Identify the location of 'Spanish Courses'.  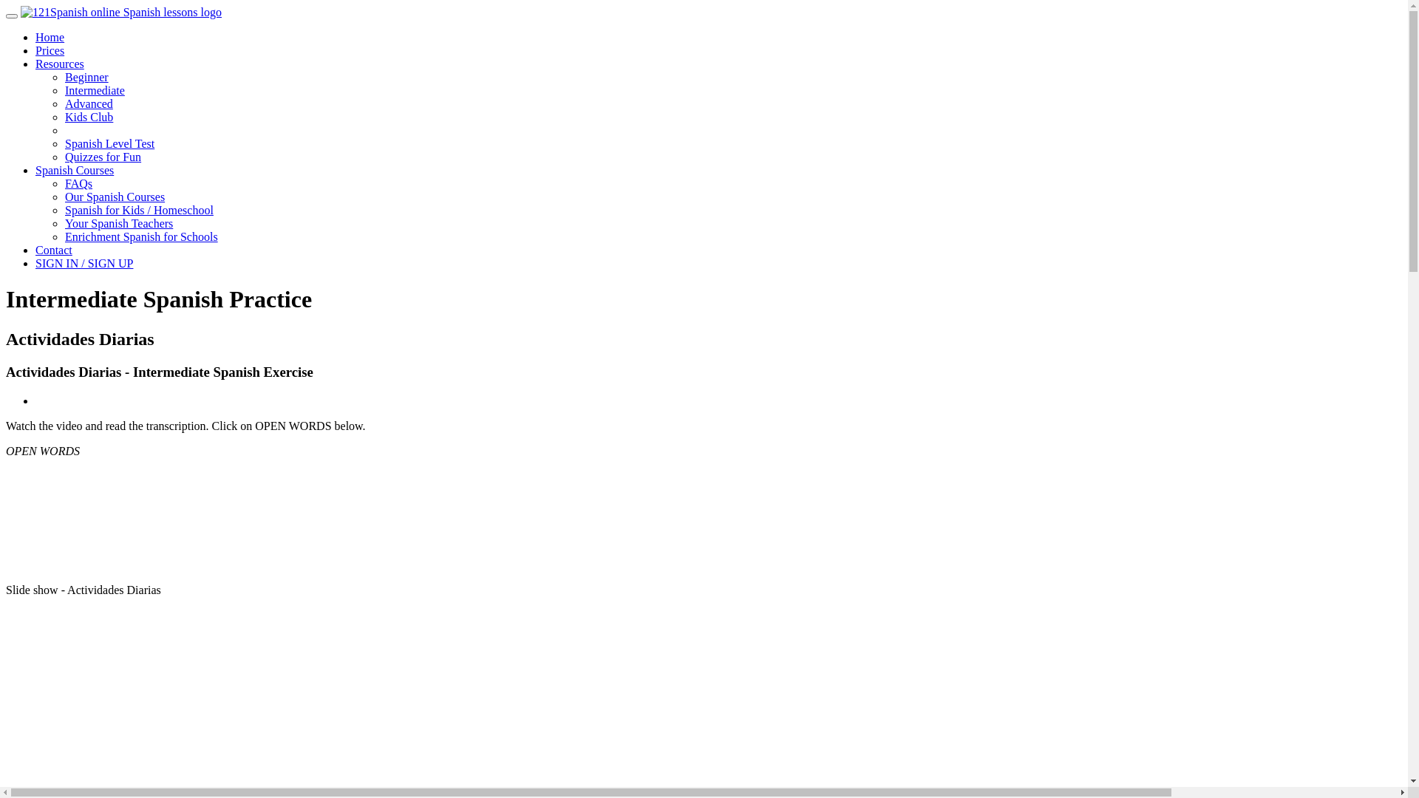
(73, 169).